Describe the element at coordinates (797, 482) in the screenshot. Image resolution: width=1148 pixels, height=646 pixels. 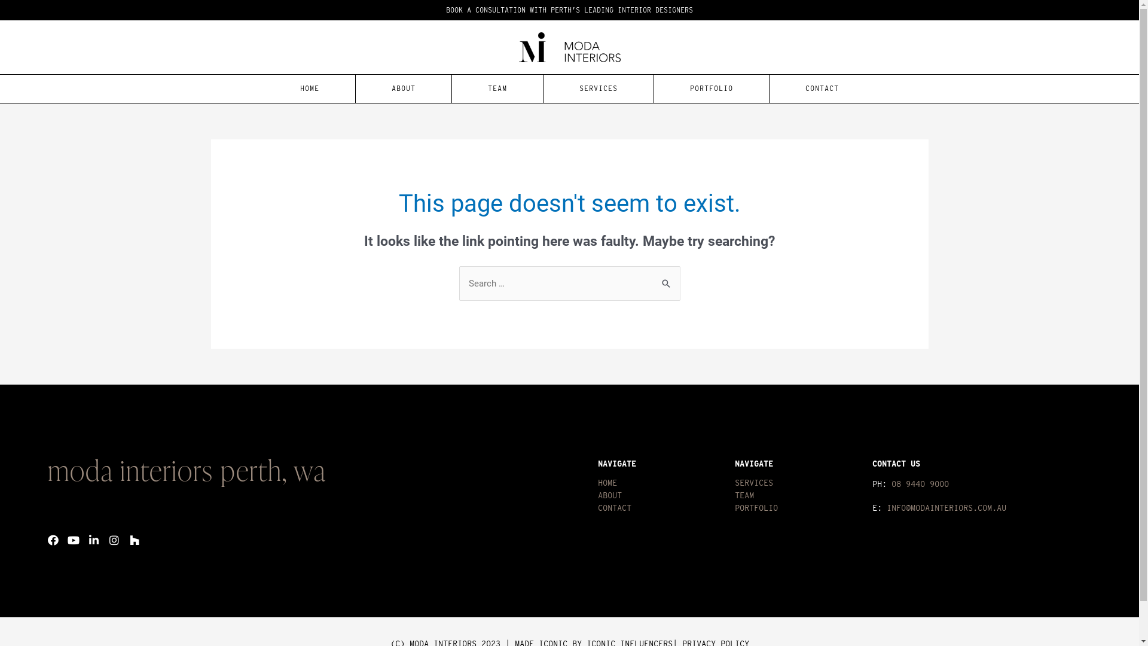
I see `'SERVICES'` at that location.